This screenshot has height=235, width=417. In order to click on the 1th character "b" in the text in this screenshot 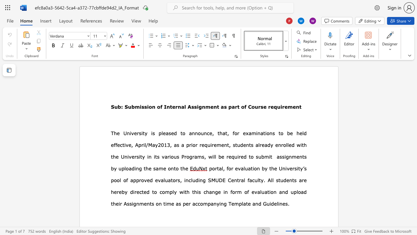, I will do `click(263, 157)`.